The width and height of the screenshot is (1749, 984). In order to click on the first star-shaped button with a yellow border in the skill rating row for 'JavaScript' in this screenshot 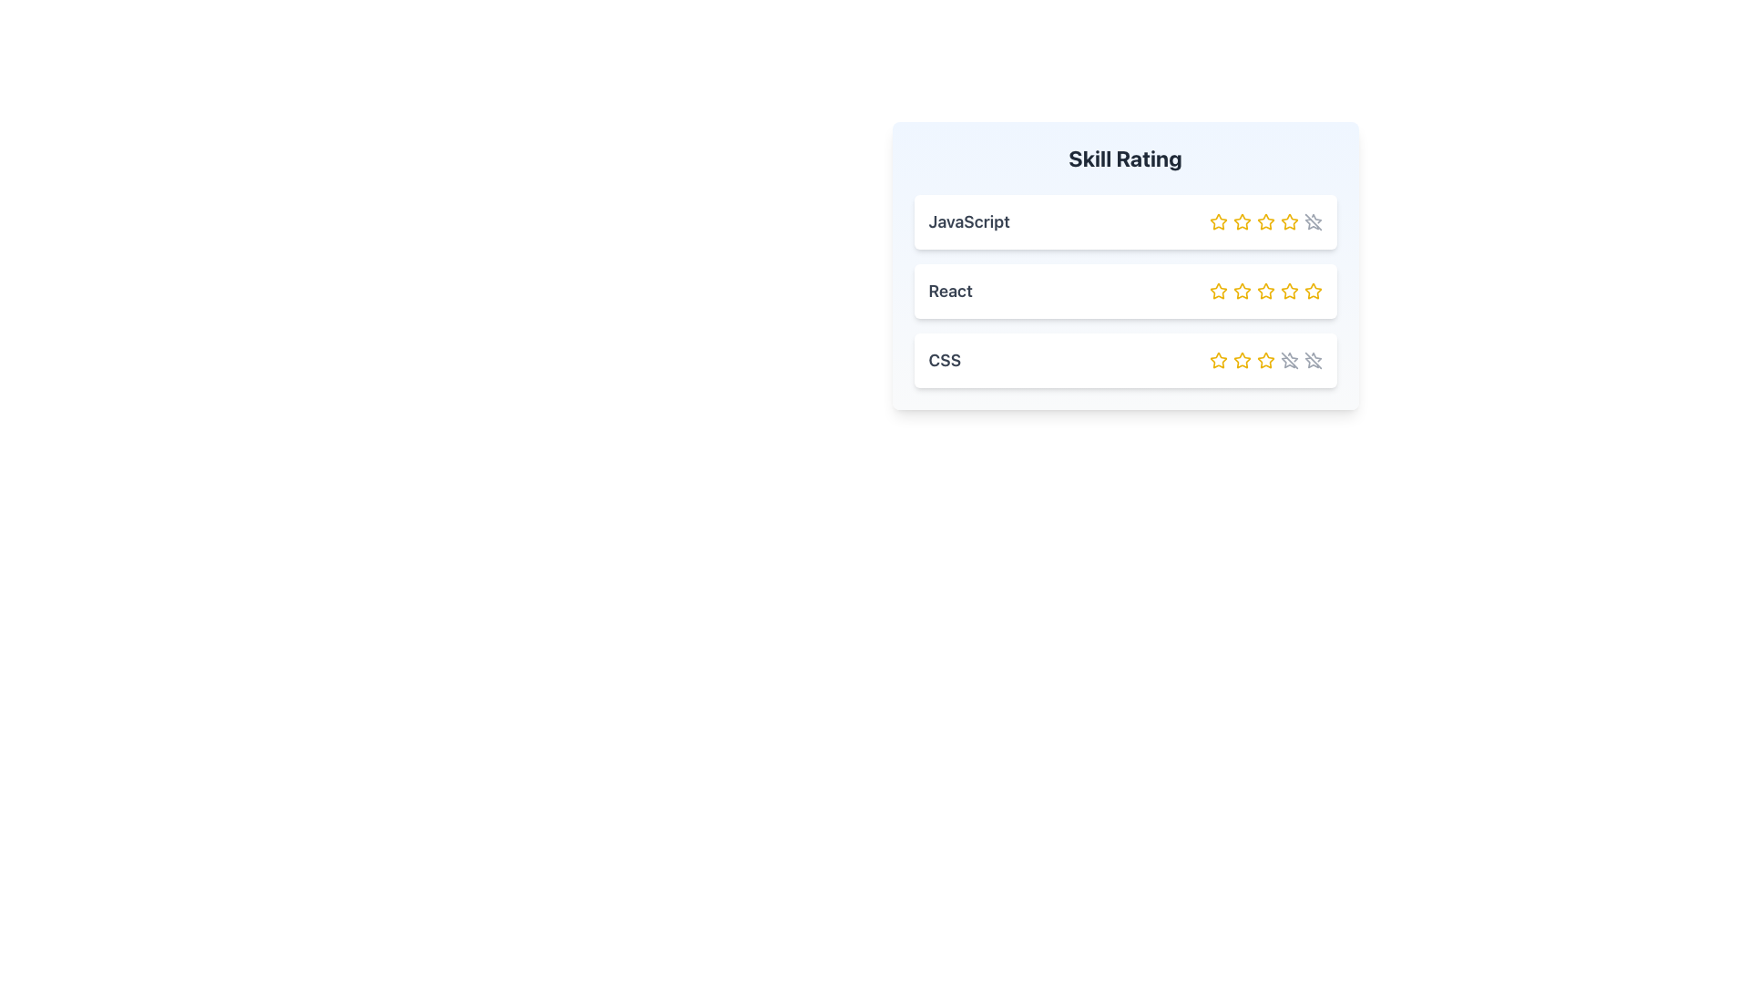, I will do `click(1218, 220)`.